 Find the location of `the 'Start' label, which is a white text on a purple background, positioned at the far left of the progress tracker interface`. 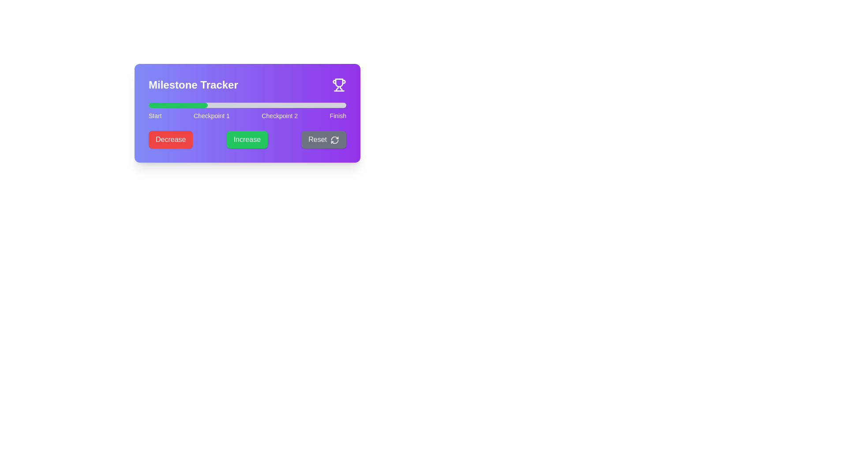

the 'Start' label, which is a white text on a purple background, positioned at the far left of the progress tracker interface is located at coordinates (155, 115).